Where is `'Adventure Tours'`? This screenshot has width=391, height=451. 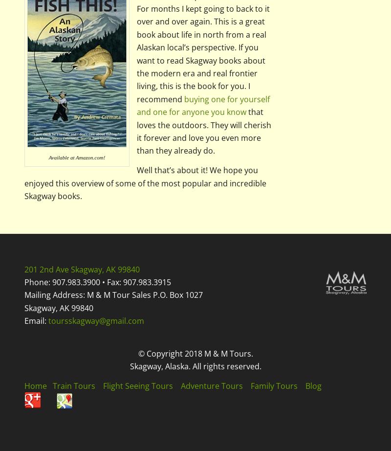
'Adventure Tours' is located at coordinates (180, 385).